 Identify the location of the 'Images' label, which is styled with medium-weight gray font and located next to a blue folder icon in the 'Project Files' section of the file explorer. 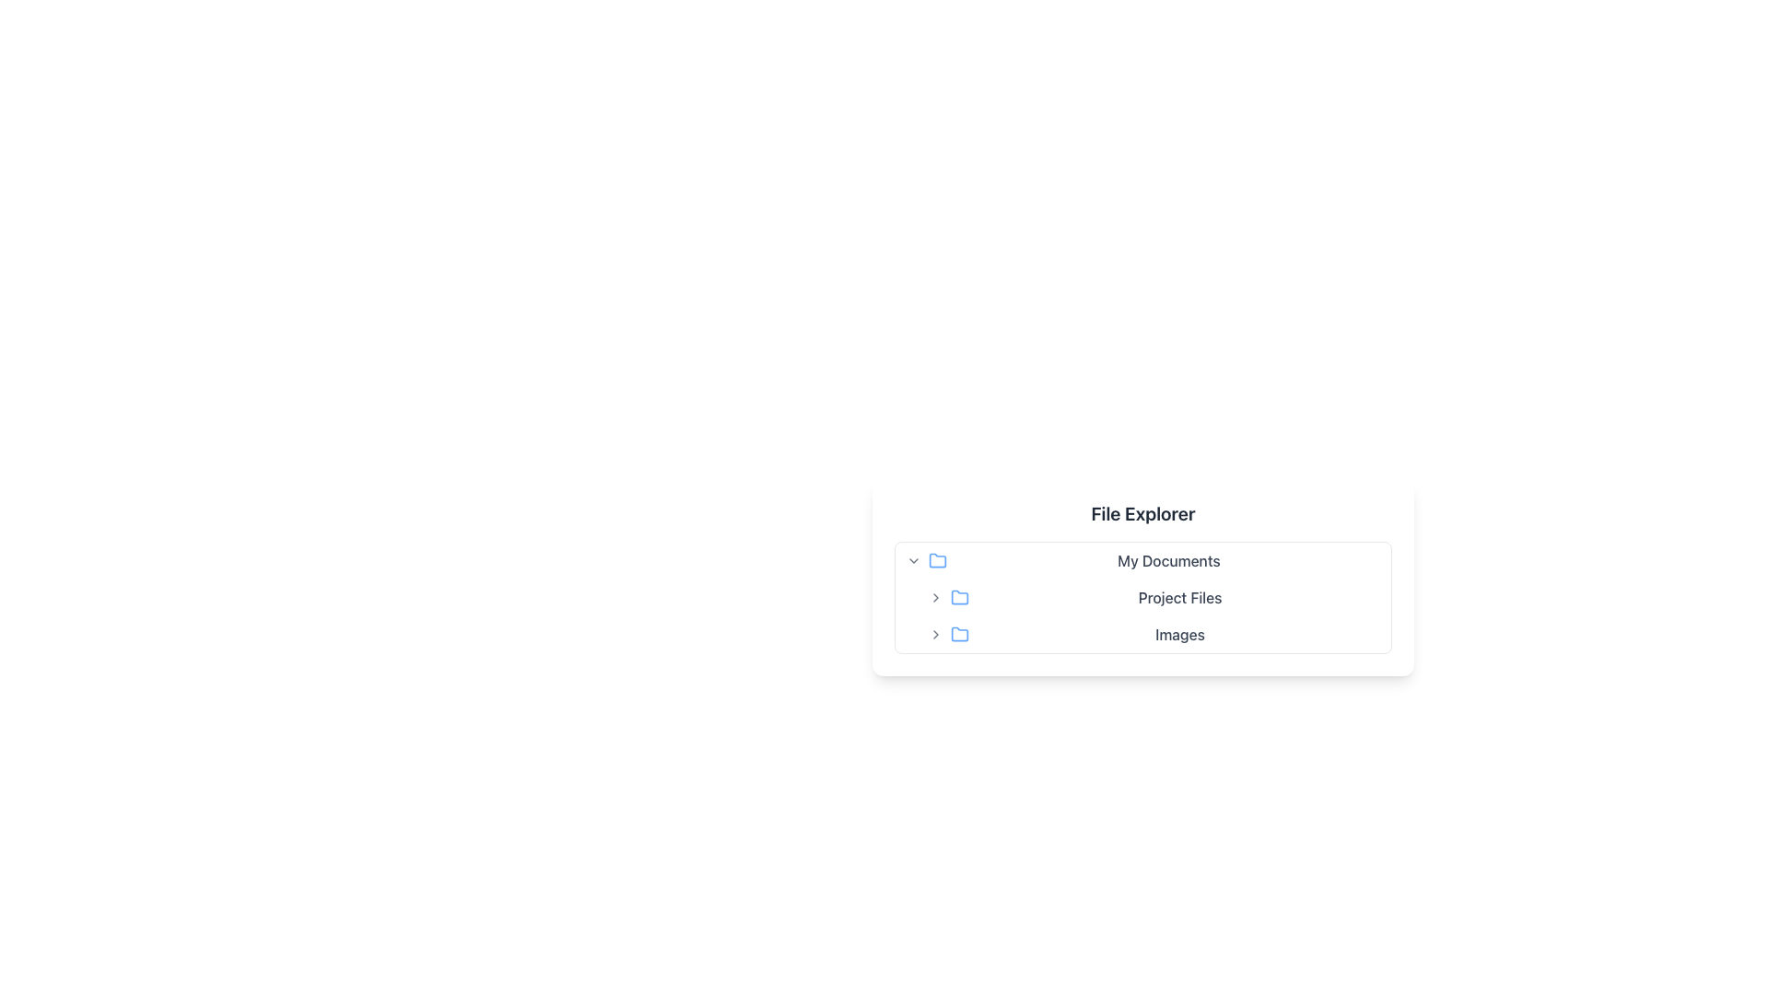
(1153, 634).